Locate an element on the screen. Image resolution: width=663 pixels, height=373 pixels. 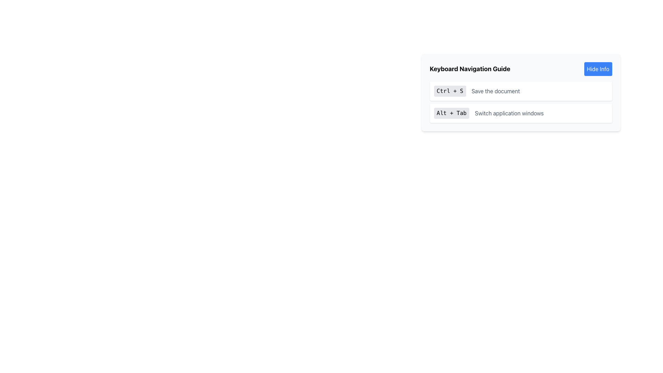
information presented in the Instructional Item displaying 'Ctrl + S' and 'Save the document' located in the 'Keyboard Navigation Guide' section at the top-right corner of the interface is located at coordinates (521, 90).